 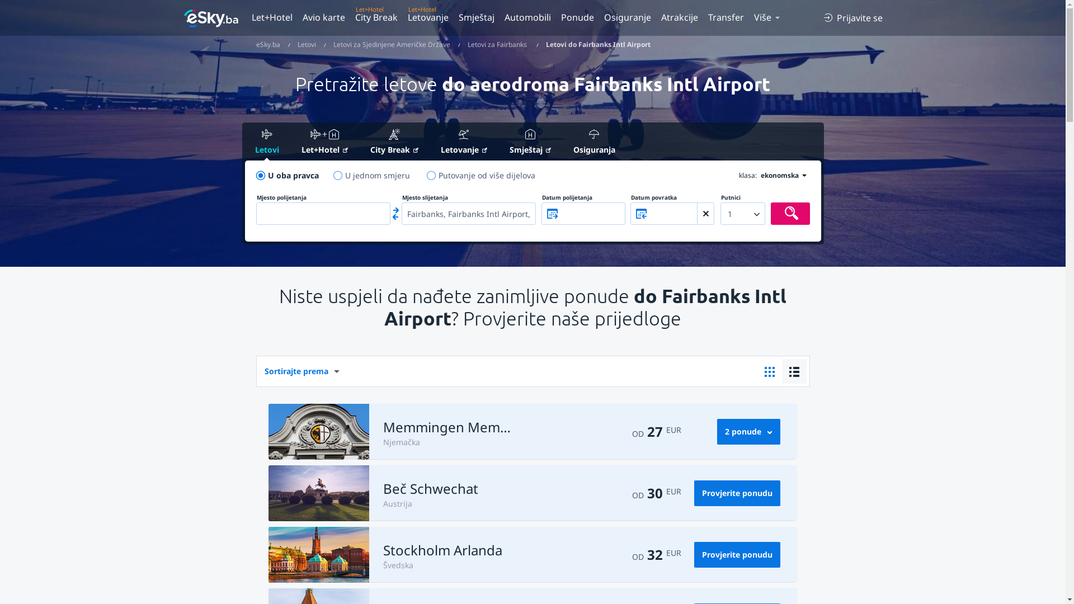 I want to click on '2 ponude', so click(x=717, y=431).